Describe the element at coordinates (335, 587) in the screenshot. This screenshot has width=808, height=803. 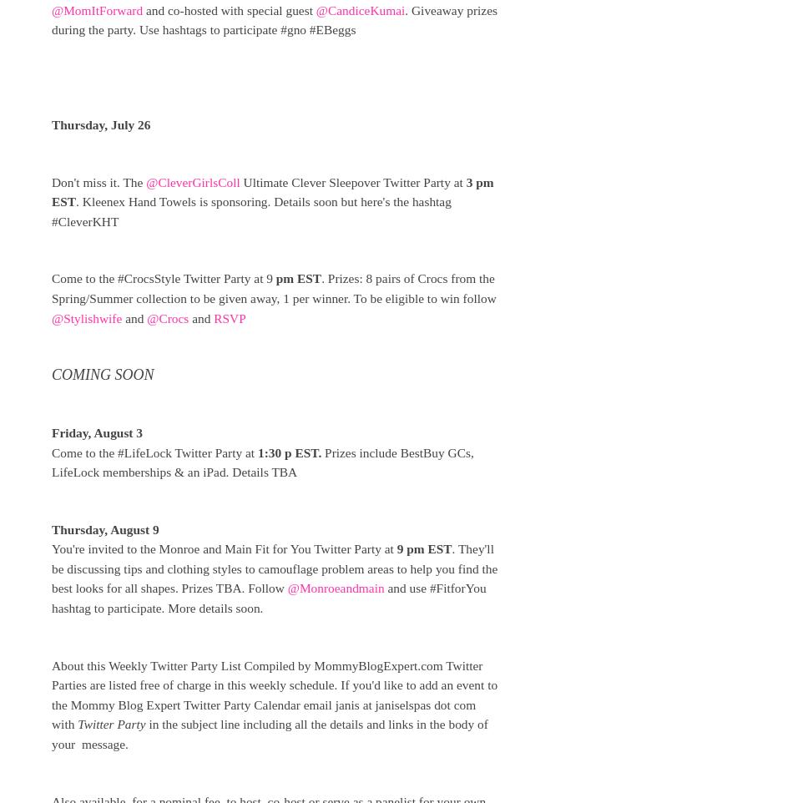
I see `'@Monroeandmain'` at that location.